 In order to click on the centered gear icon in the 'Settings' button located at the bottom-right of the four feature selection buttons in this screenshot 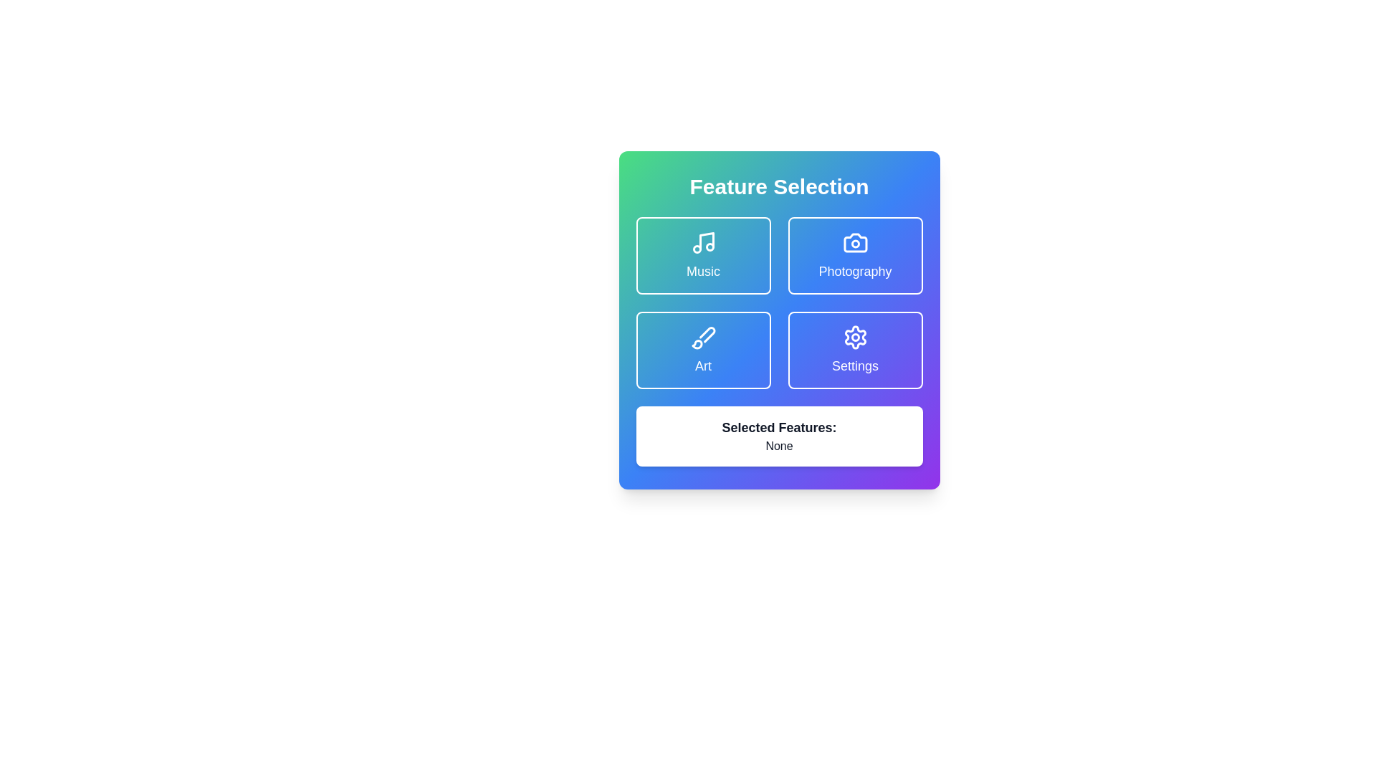, I will do `click(855, 337)`.